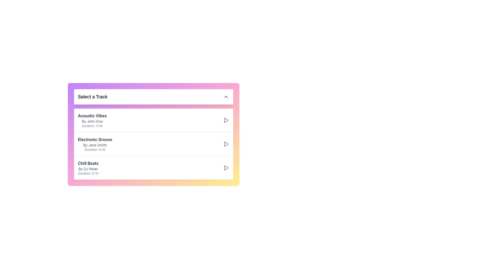 Image resolution: width=490 pixels, height=276 pixels. What do you see at coordinates (153, 120) in the screenshot?
I see `the first selectable track item in the list, which displays the track name, artist, and duration` at bounding box center [153, 120].